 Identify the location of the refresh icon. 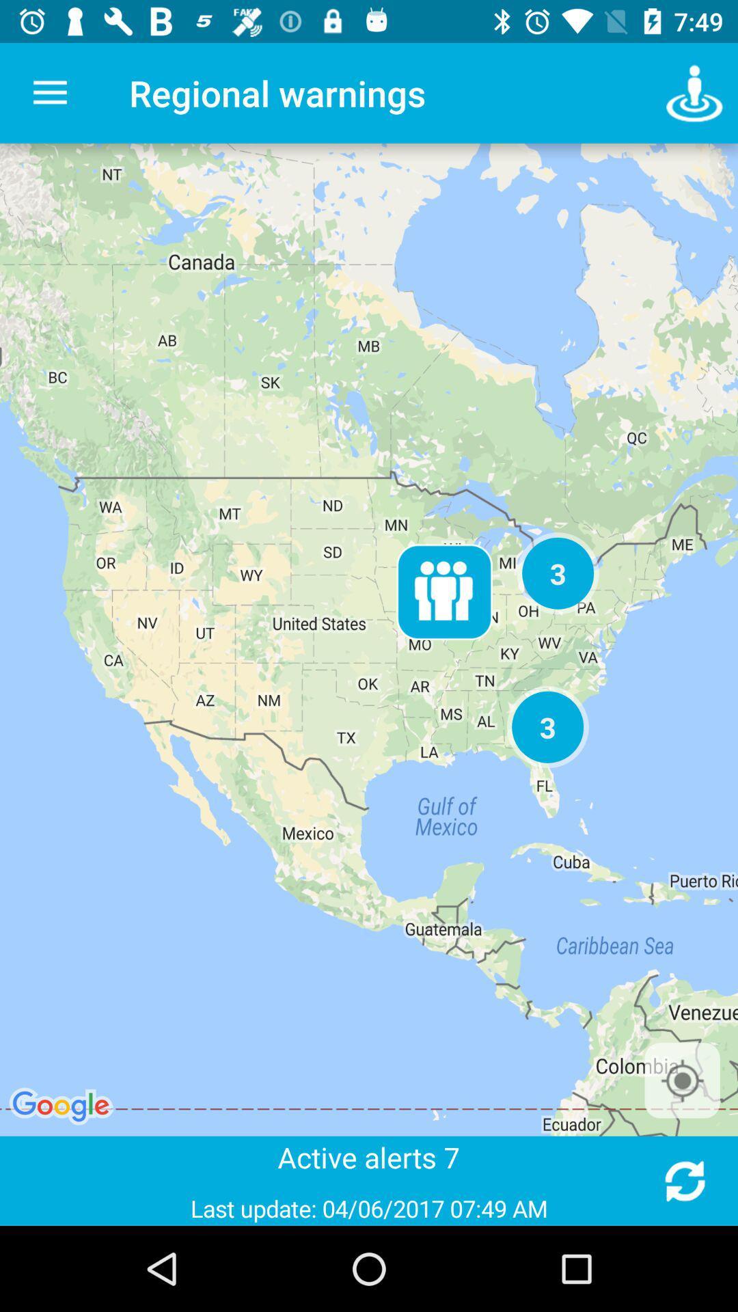
(685, 1180).